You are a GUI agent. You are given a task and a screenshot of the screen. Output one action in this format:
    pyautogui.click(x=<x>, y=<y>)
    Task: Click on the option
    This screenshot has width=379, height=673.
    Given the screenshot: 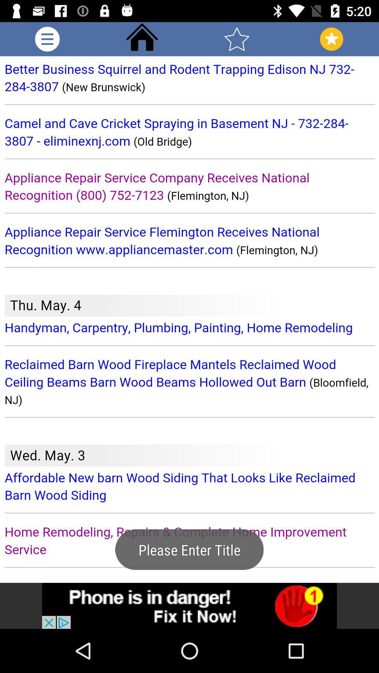 What is the action you would take?
    pyautogui.click(x=47, y=39)
    